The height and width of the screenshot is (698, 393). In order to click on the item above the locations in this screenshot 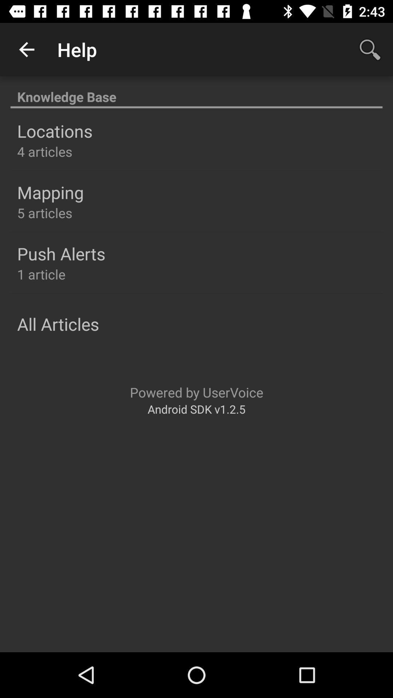, I will do `click(196, 92)`.